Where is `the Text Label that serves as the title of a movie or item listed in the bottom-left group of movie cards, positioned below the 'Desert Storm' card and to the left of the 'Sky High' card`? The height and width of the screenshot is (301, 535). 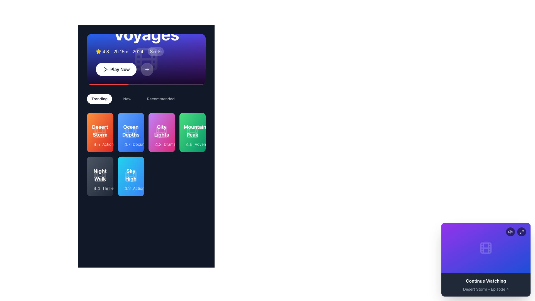 the Text Label that serves as the title of a movie or item listed in the bottom-left group of movie cards, positioned below the 'Desert Storm' card and to the left of the 'Sky High' card is located at coordinates (100, 175).